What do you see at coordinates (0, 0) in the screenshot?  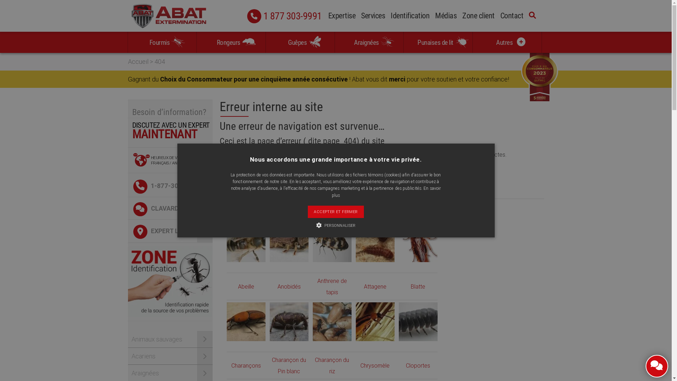 I see `'Skip to primary navigation'` at bounding box center [0, 0].